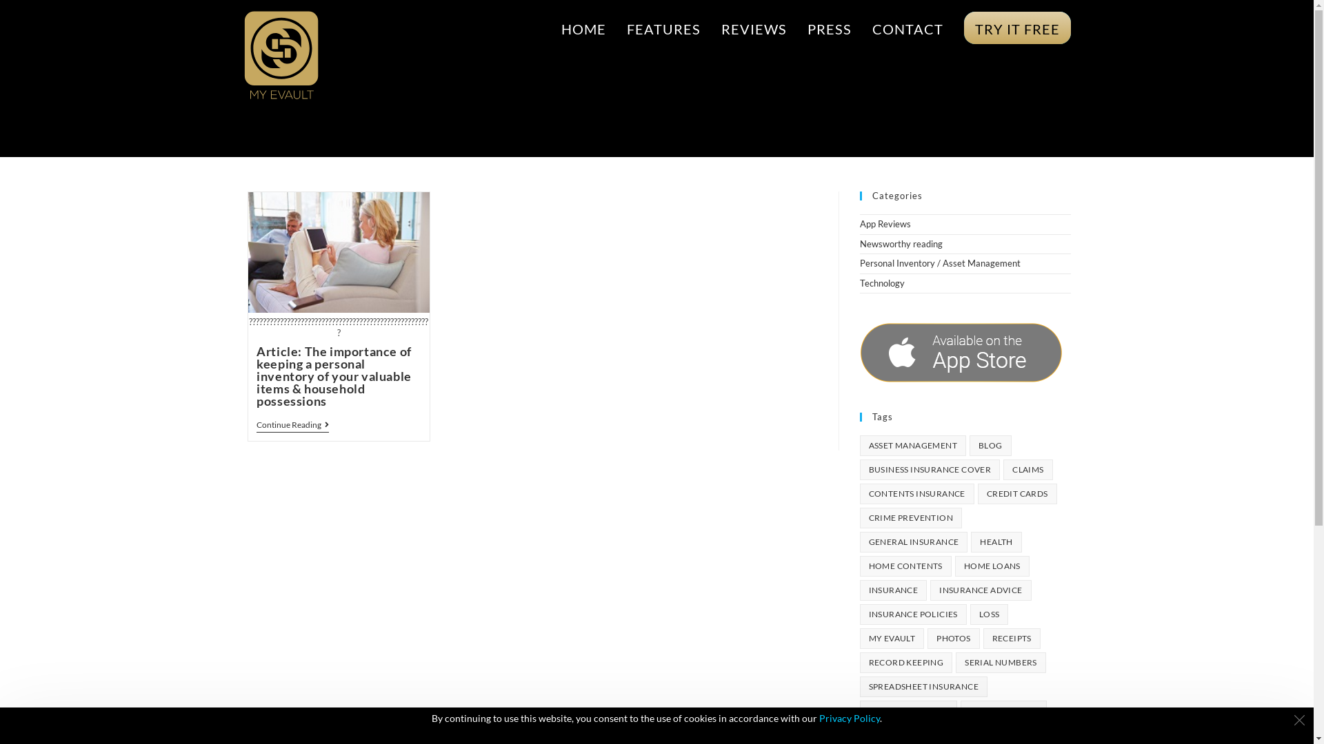  Describe the element at coordinates (859, 686) in the screenshot. I see `'SPREADSHEET INSURANCE'` at that location.